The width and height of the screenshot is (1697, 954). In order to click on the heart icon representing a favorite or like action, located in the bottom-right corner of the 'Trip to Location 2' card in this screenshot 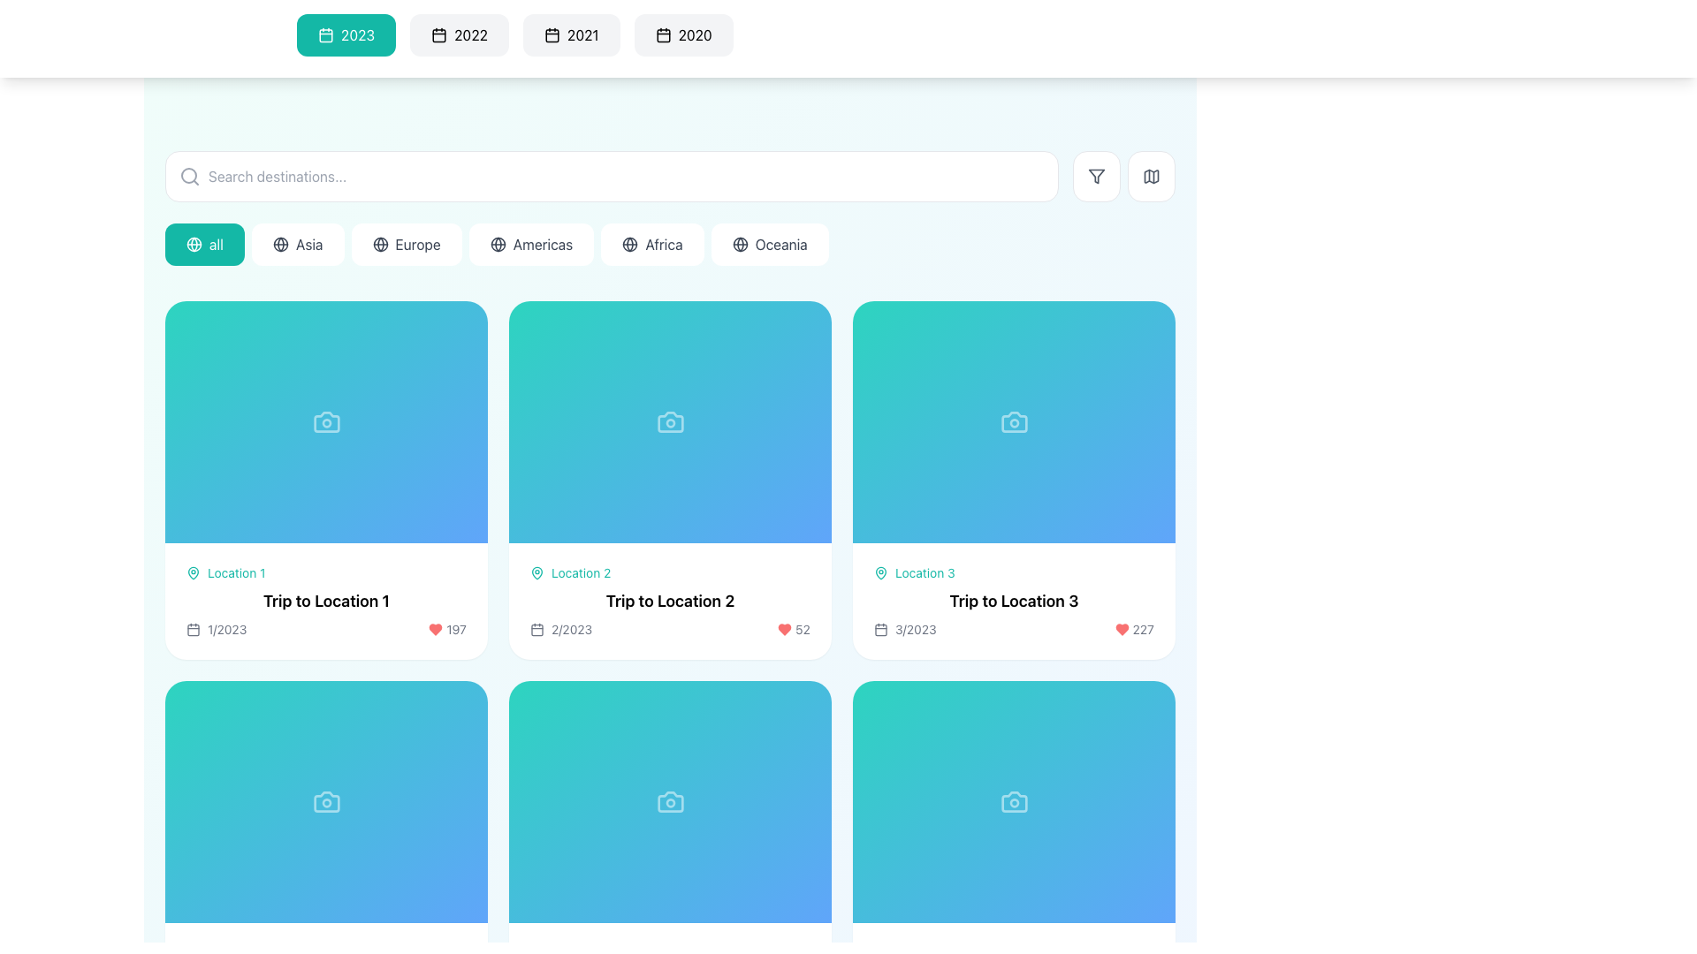, I will do `click(436, 628)`.